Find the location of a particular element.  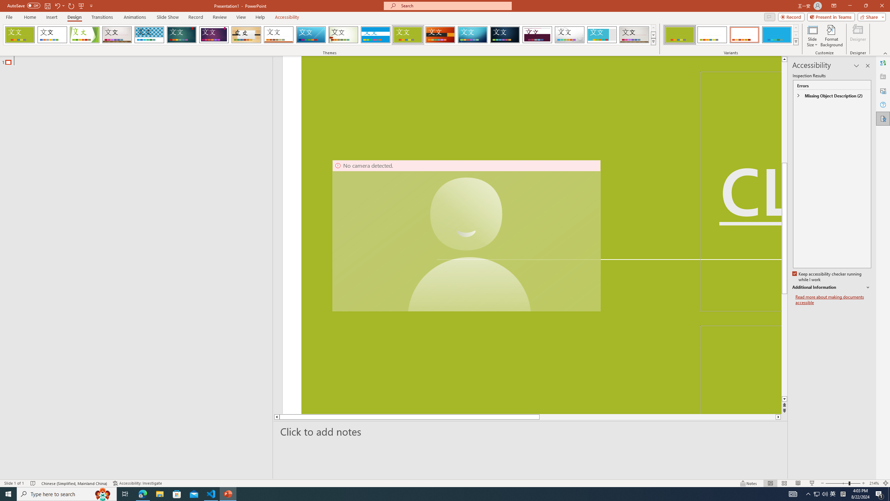

'Droplet' is located at coordinates (569, 34).